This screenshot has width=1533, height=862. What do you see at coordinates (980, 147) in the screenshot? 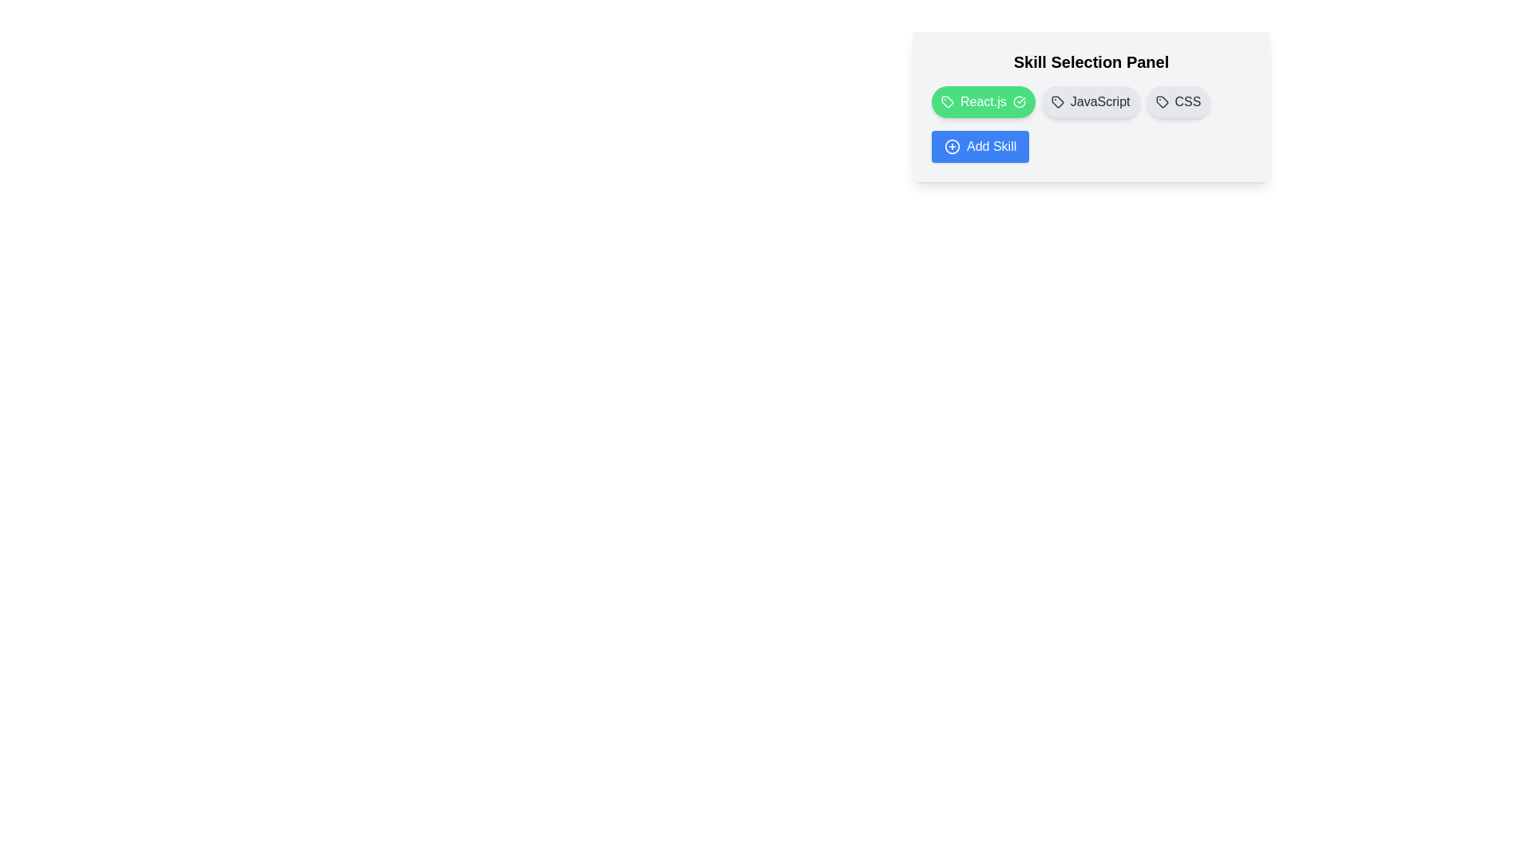
I see `the button that allows users to add a new skill, located towards the bottom-left side of the skill selection panel, directly below the 'React.js' tag` at bounding box center [980, 147].